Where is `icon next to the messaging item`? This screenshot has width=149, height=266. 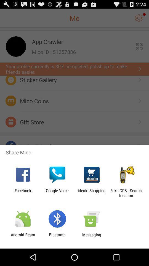
icon next to the messaging item is located at coordinates (57, 237).